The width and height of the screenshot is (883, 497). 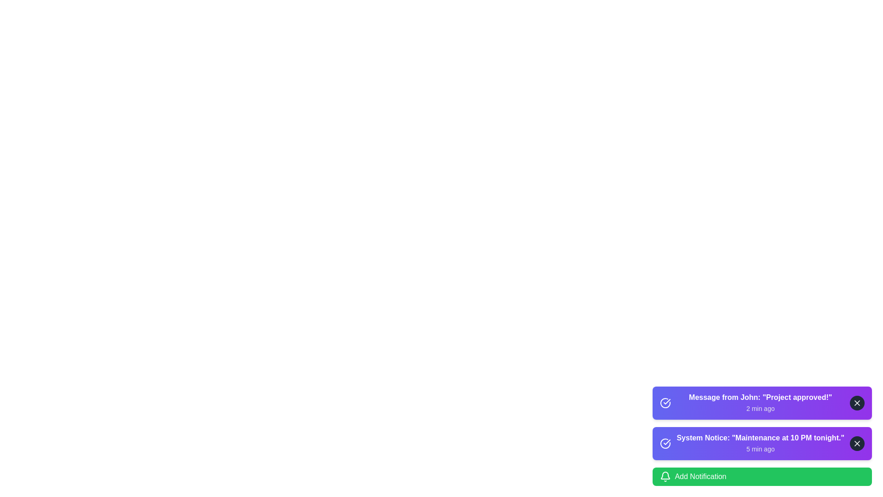 I want to click on the 'Add Notification' button to observe its hover effect, so click(x=762, y=476).